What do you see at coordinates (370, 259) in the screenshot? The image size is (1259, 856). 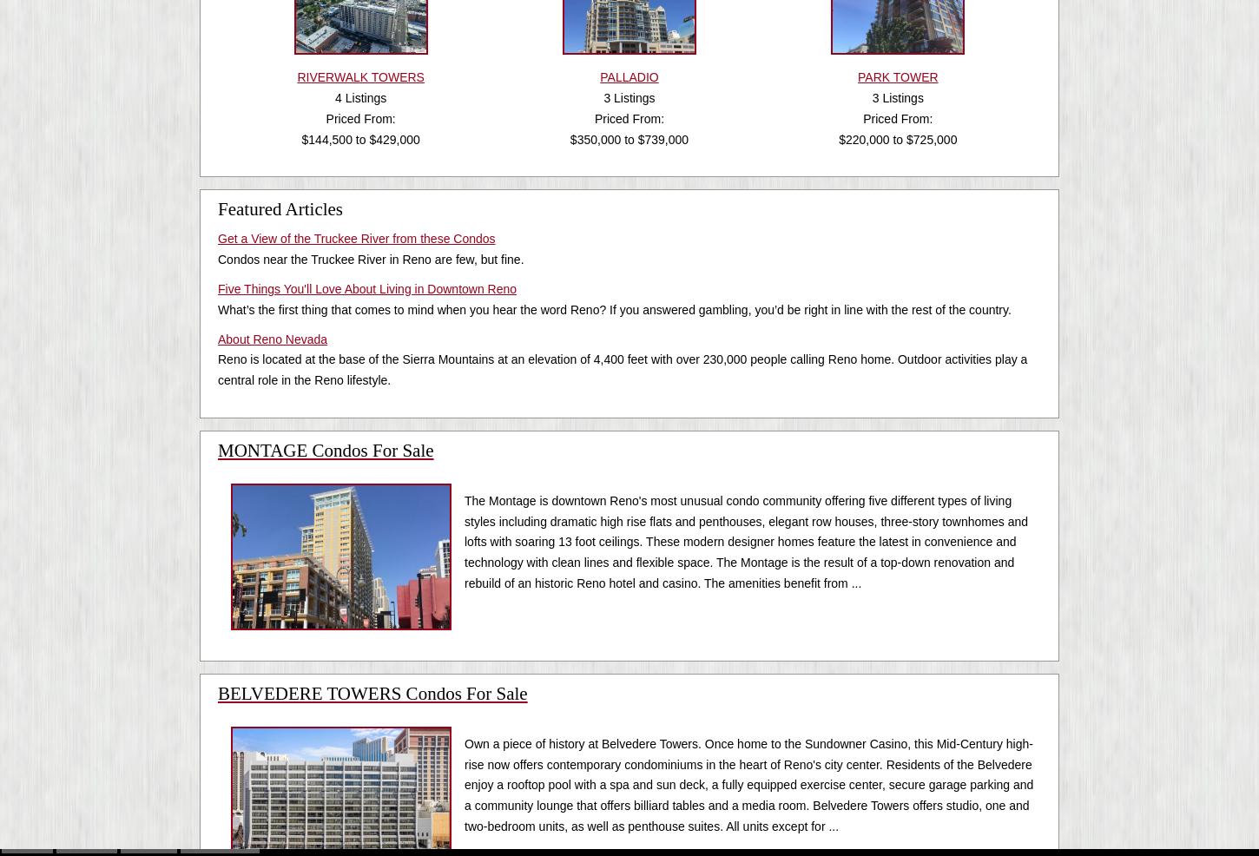 I see `'Condos near the Truckee River in Reno are few, but fine.'` at bounding box center [370, 259].